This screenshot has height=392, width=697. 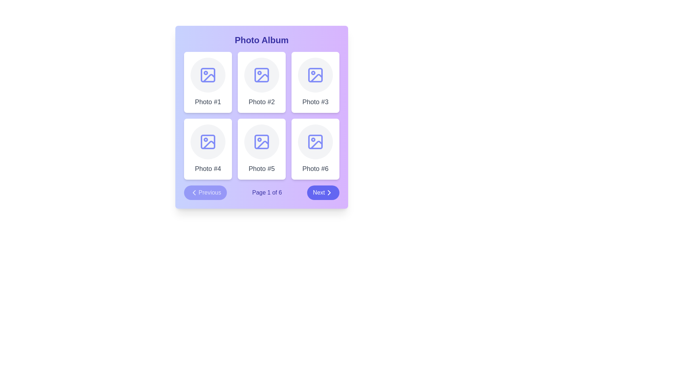 What do you see at coordinates (207, 142) in the screenshot?
I see `the circular icon placeholder with a light gray background and an indigo picture frame icon under the label 'Photo #4' in the photo album interface` at bounding box center [207, 142].